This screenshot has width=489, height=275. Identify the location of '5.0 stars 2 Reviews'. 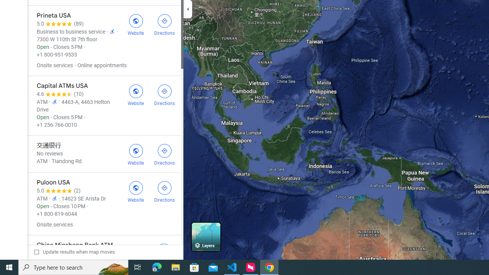
(58, 191).